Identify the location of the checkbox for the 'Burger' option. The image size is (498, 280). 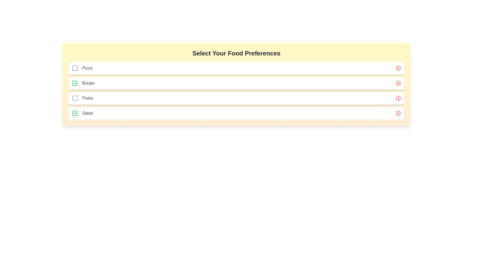
(74, 83).